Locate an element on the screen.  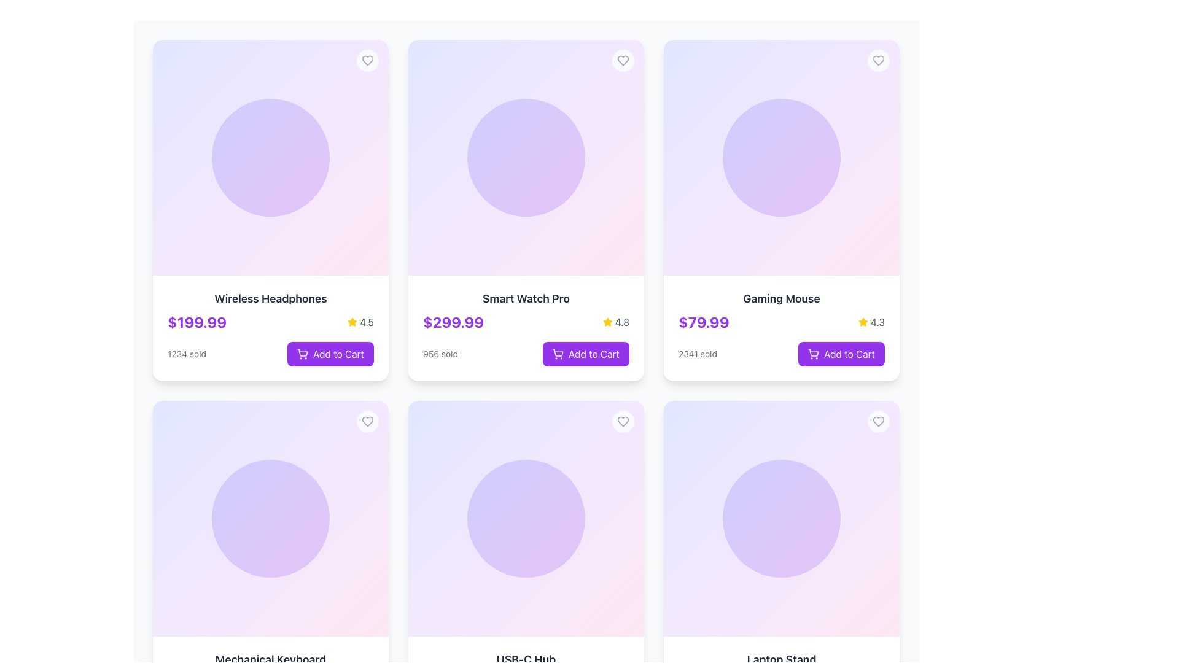
the decorative circular UI element with a gradient background transitioning from indigo to purple, positioned at the top-center of the product information section for 'Smart Watch Pro' is located at coordinates (526, 157).